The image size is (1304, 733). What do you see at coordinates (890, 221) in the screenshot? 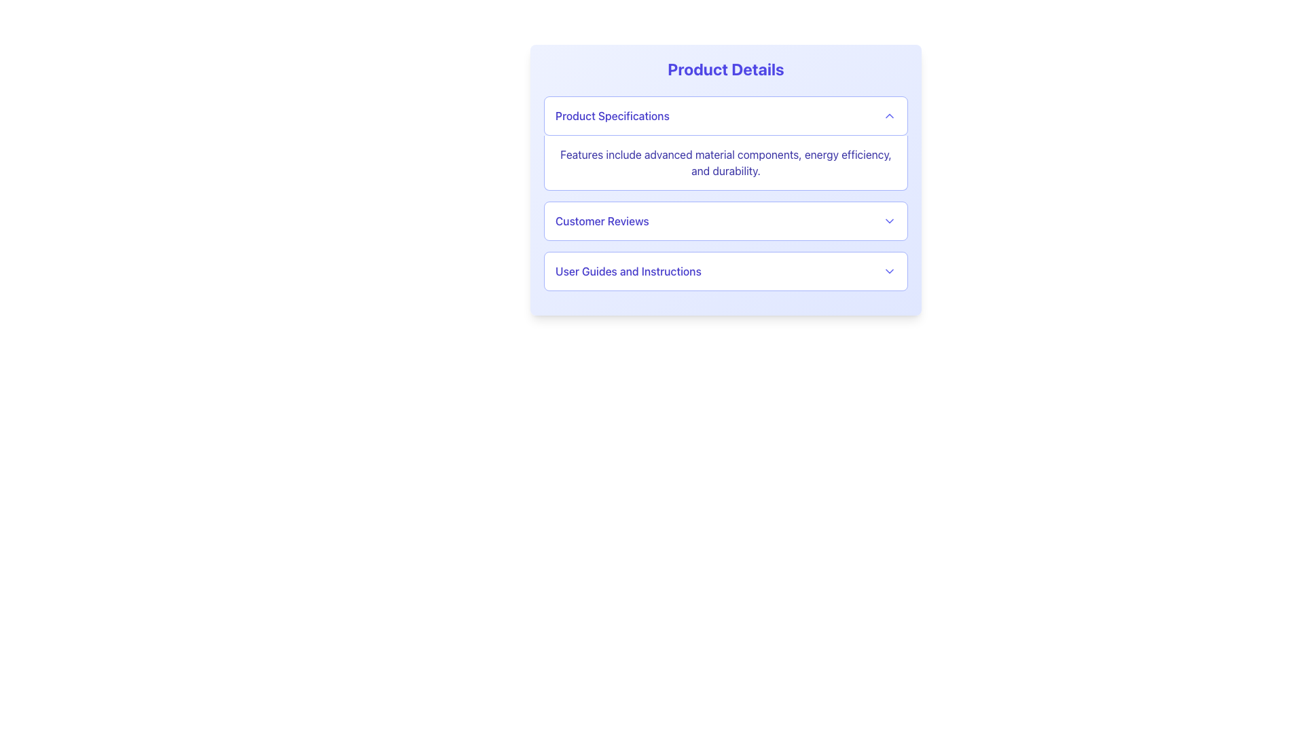
I see `the small downward-pointing chevron icon, which is indigo and located to the right of the 'Customer Reviews' text` at bounding box center [890, 221].